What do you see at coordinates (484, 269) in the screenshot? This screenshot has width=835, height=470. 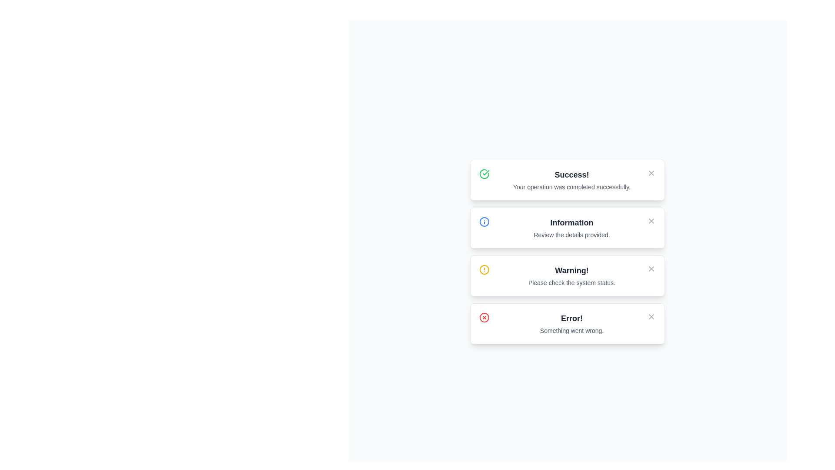 I see `the warning alert icon located to the left of the 'Warning!' label, which indicates the importance of the alert message` at bounding box center [484, 269].